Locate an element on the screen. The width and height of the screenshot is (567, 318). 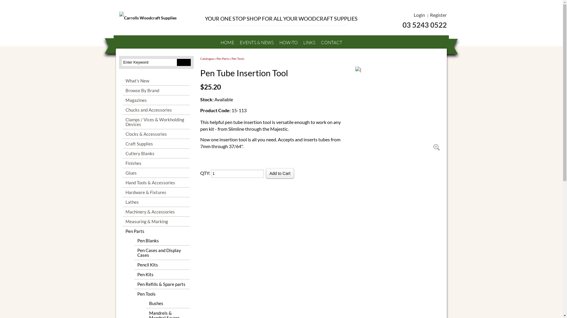
'Pen Tools' is located at coordinates (238, 59).